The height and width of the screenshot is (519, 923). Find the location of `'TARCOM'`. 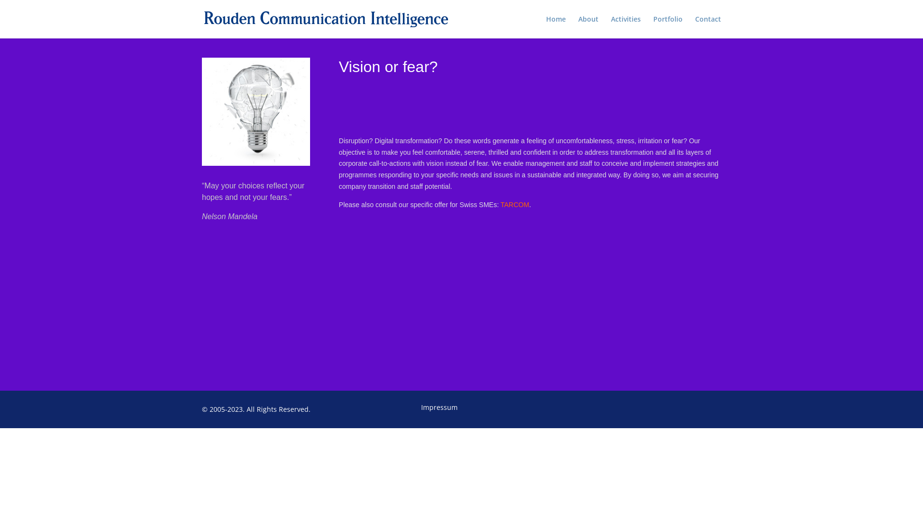

'TARCOM' is located at coordinates (514, 204).